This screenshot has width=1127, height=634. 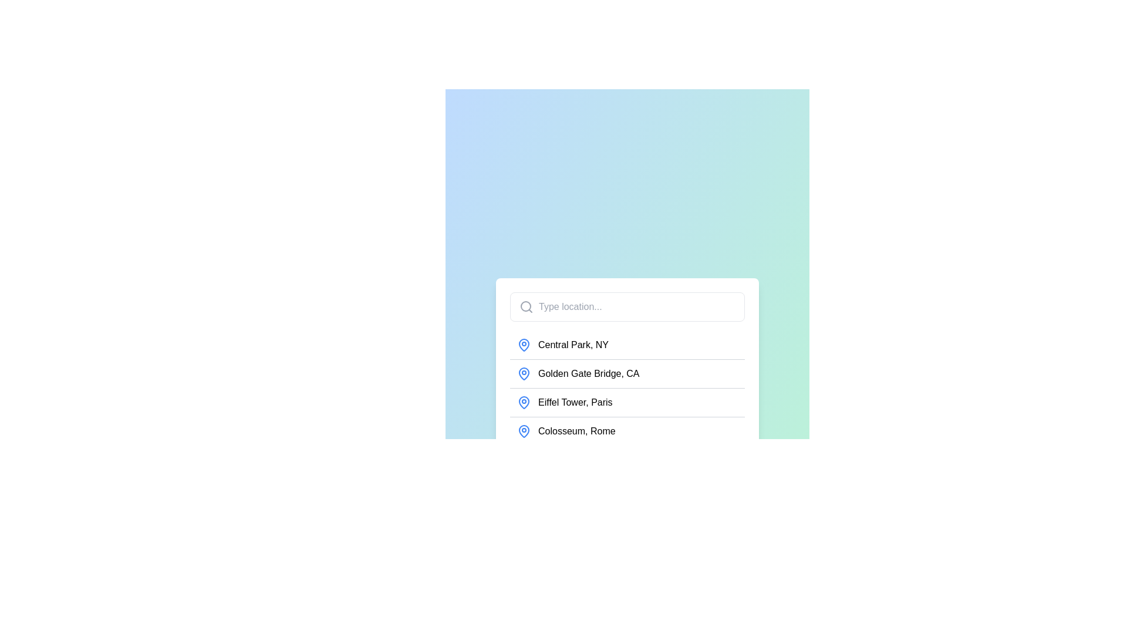 What do you see at coordinates (627, 405) in the screenshot?
I see `the list item labeled 'Eiffel Tower, Paris'` at bounding box center [627, 405].